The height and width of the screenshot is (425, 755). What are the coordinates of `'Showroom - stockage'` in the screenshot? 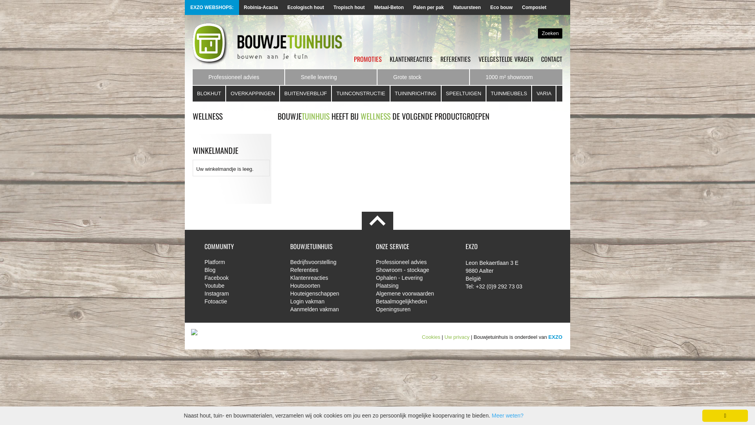 It's located at (412, 270).